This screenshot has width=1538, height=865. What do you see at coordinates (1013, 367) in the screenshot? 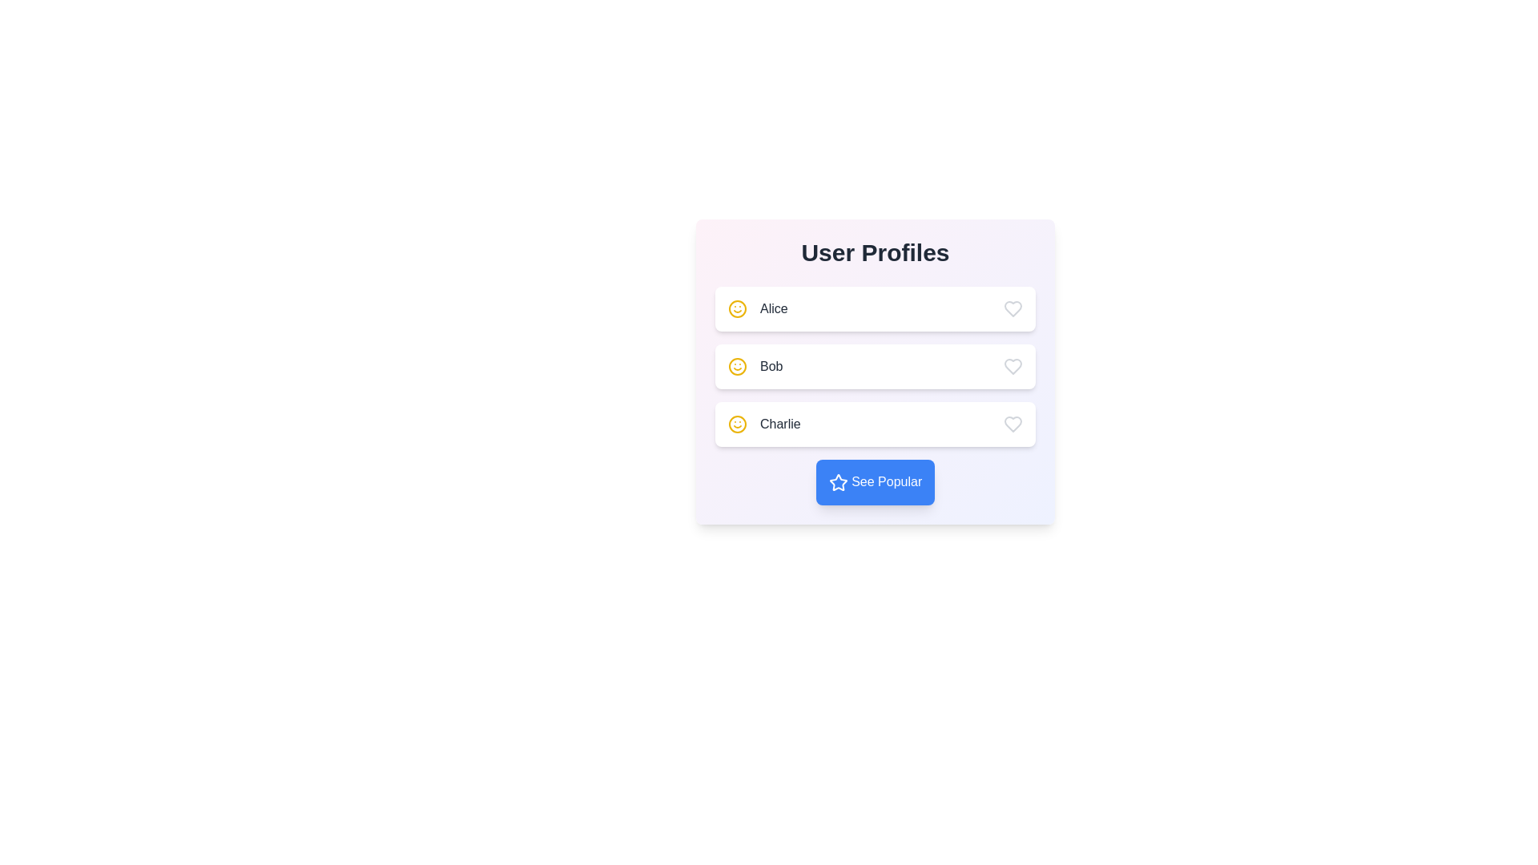
I see `the heart-shaped favorite button located to the right of the text 'Bob' in the second user profile entry` at bounding box center [1013, 367].